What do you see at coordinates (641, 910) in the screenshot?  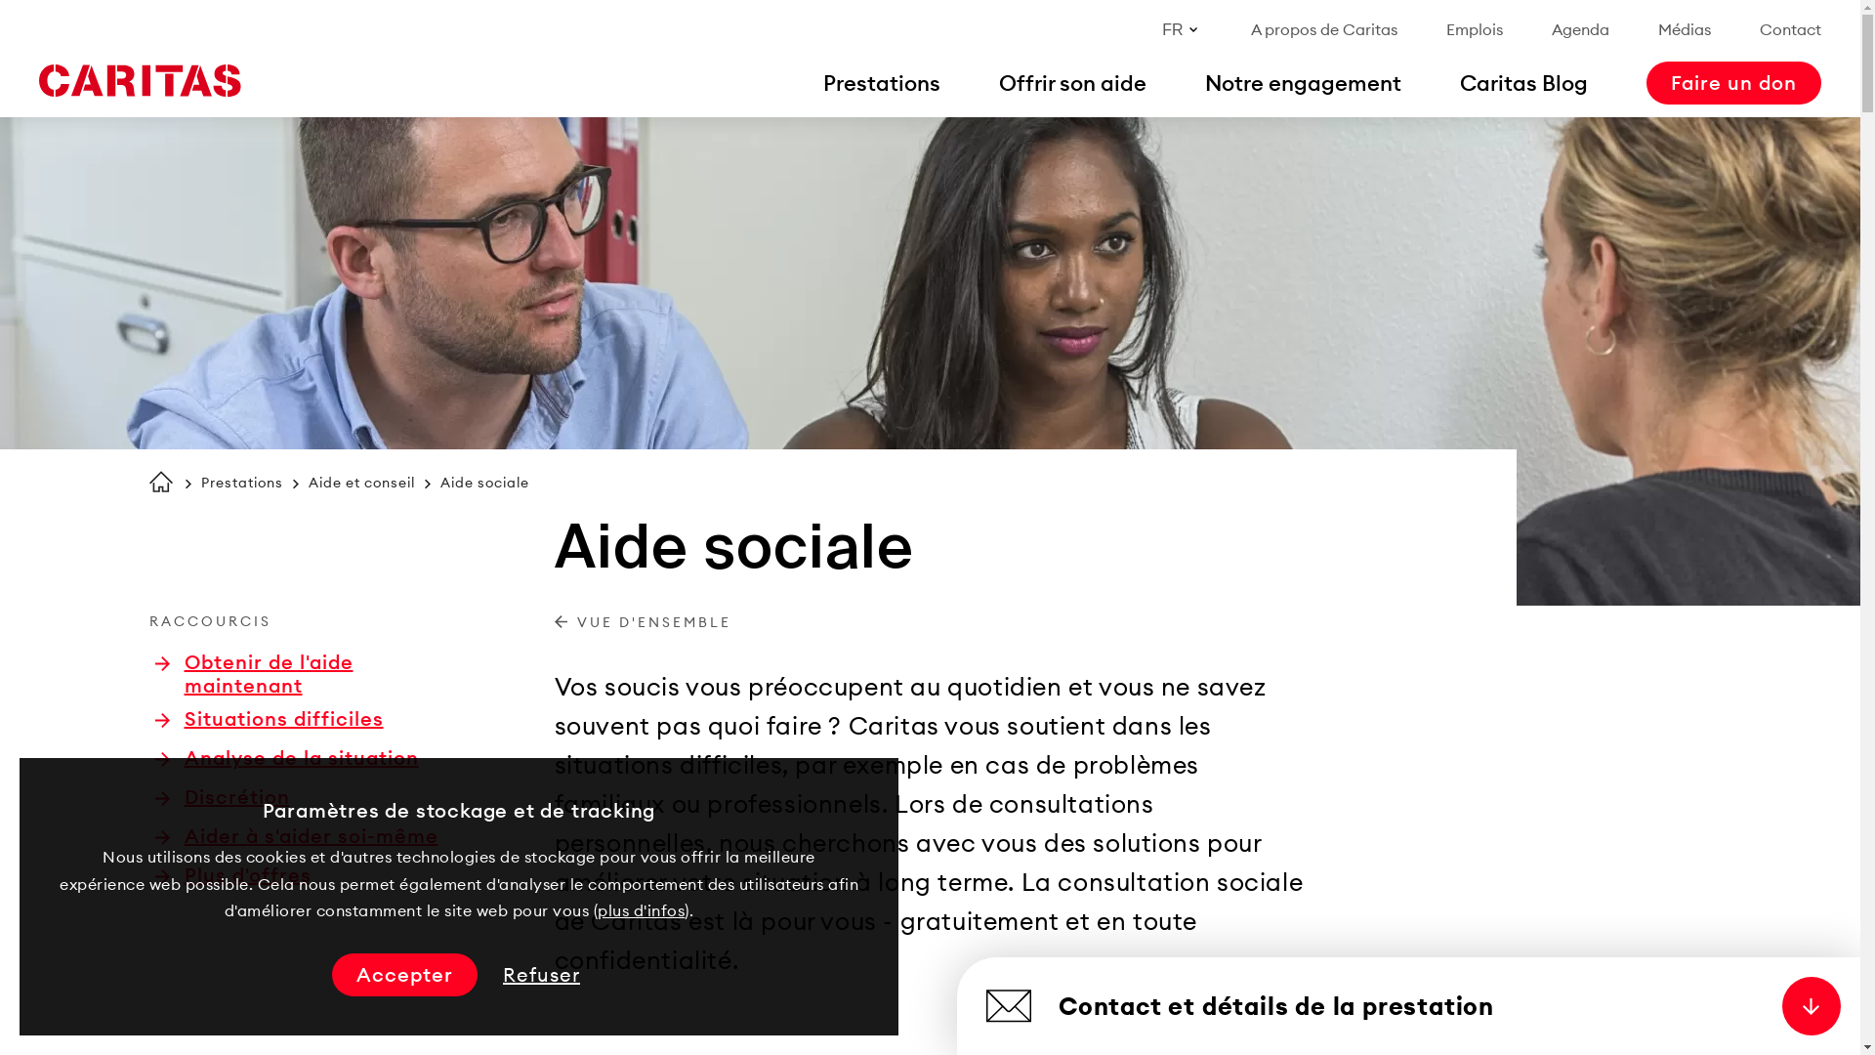 I see `'plus d'infos'` at bounding box center [641, 910].